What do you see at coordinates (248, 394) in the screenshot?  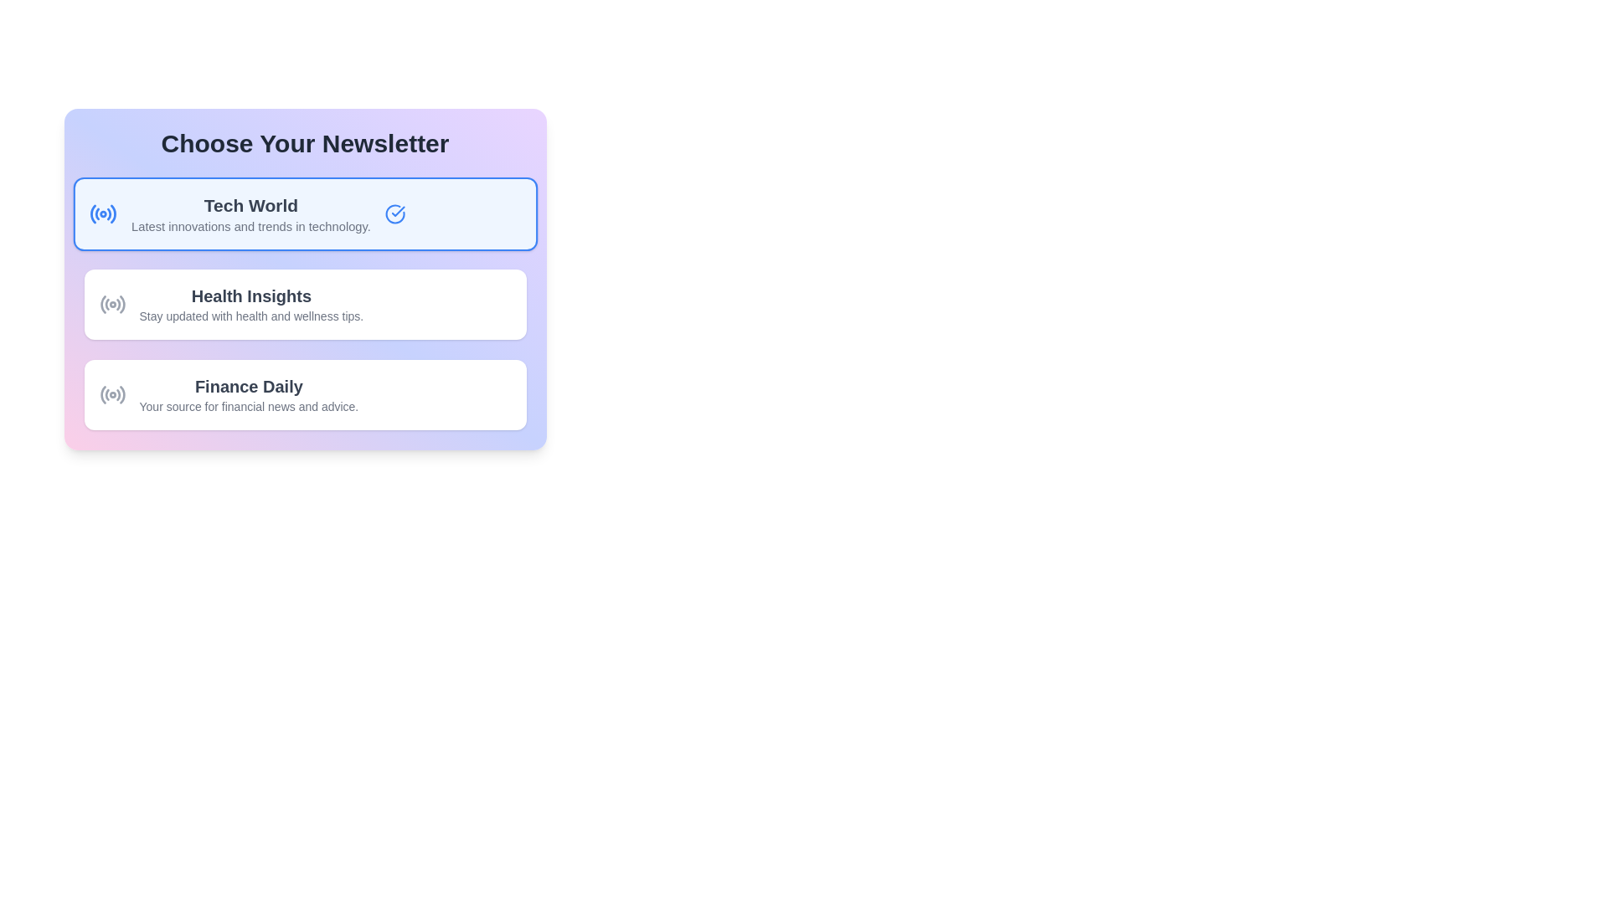 I see `the informational heading text block for the 'Finance Daily' option within the third option card under 'Choose Your Newsletter'` at bounding box center [248, 394].